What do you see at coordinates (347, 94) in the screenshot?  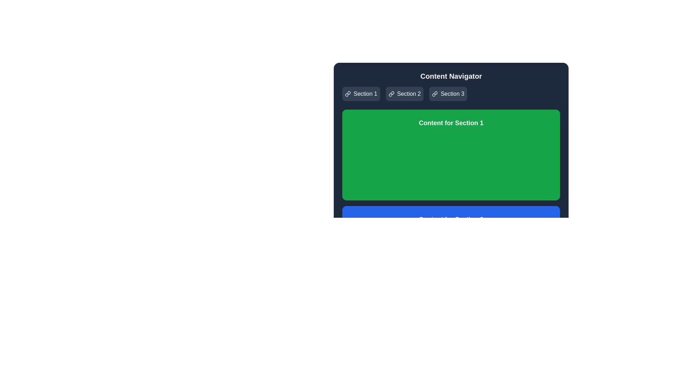 I see `the curved, chain-link SVG icon located within the button labeled 'Section 1', positioned to the left of the textual label` at bounding box center [347, 94].